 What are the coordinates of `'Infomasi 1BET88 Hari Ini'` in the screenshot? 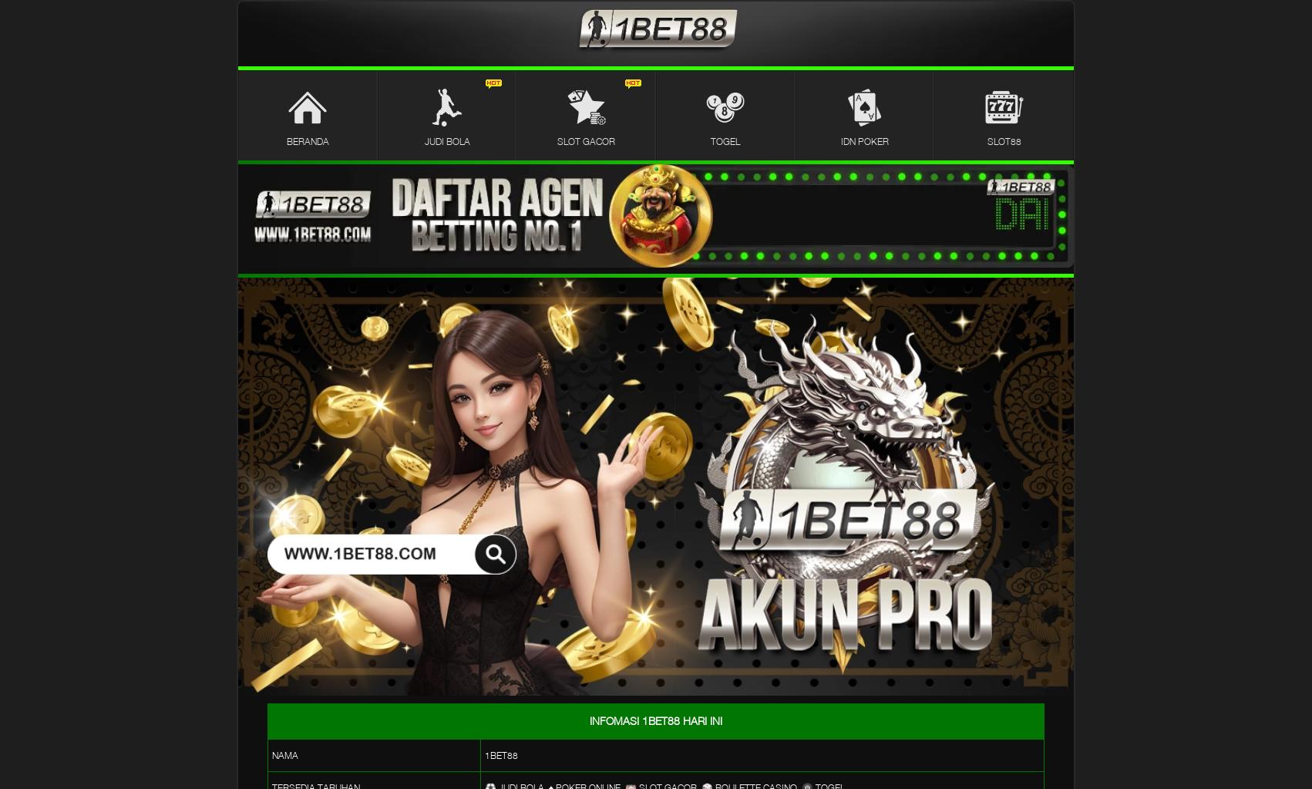 It's located at (656, 720).